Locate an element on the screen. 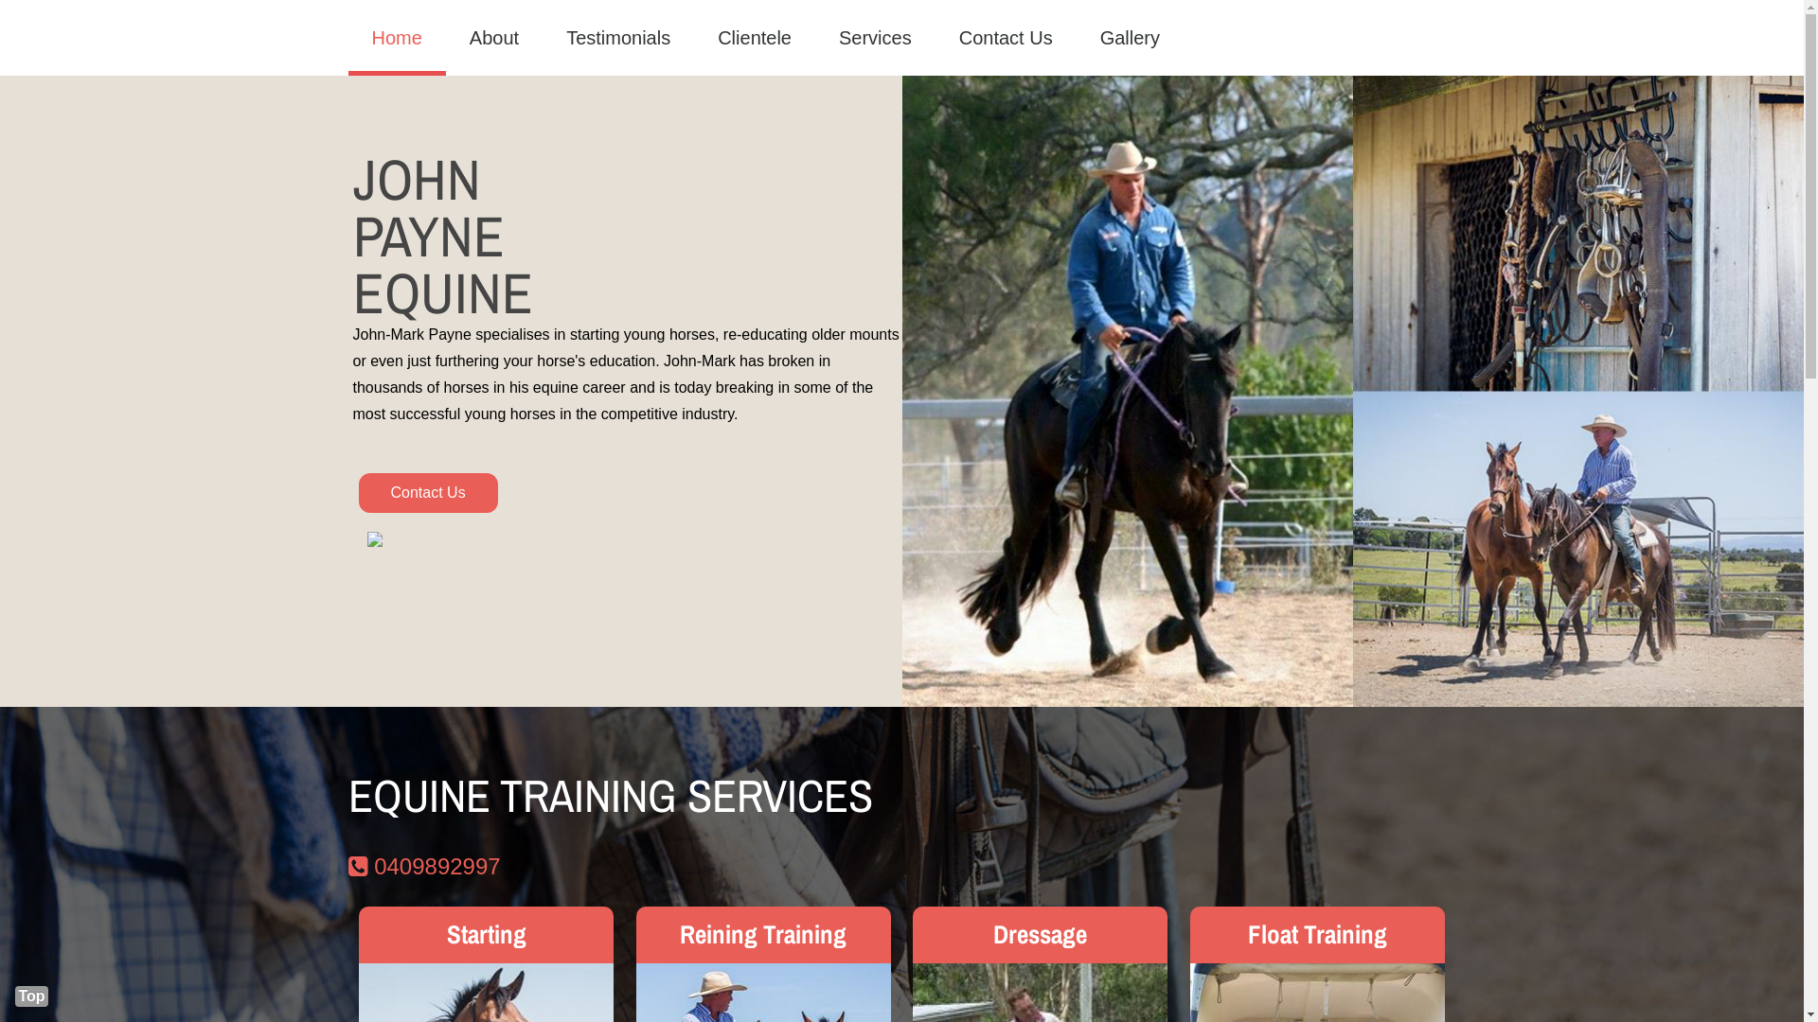 Image resolution: width=1818 pixels, height=1022 pixels. 'Contact Us' is located at coordinates (426, 491).